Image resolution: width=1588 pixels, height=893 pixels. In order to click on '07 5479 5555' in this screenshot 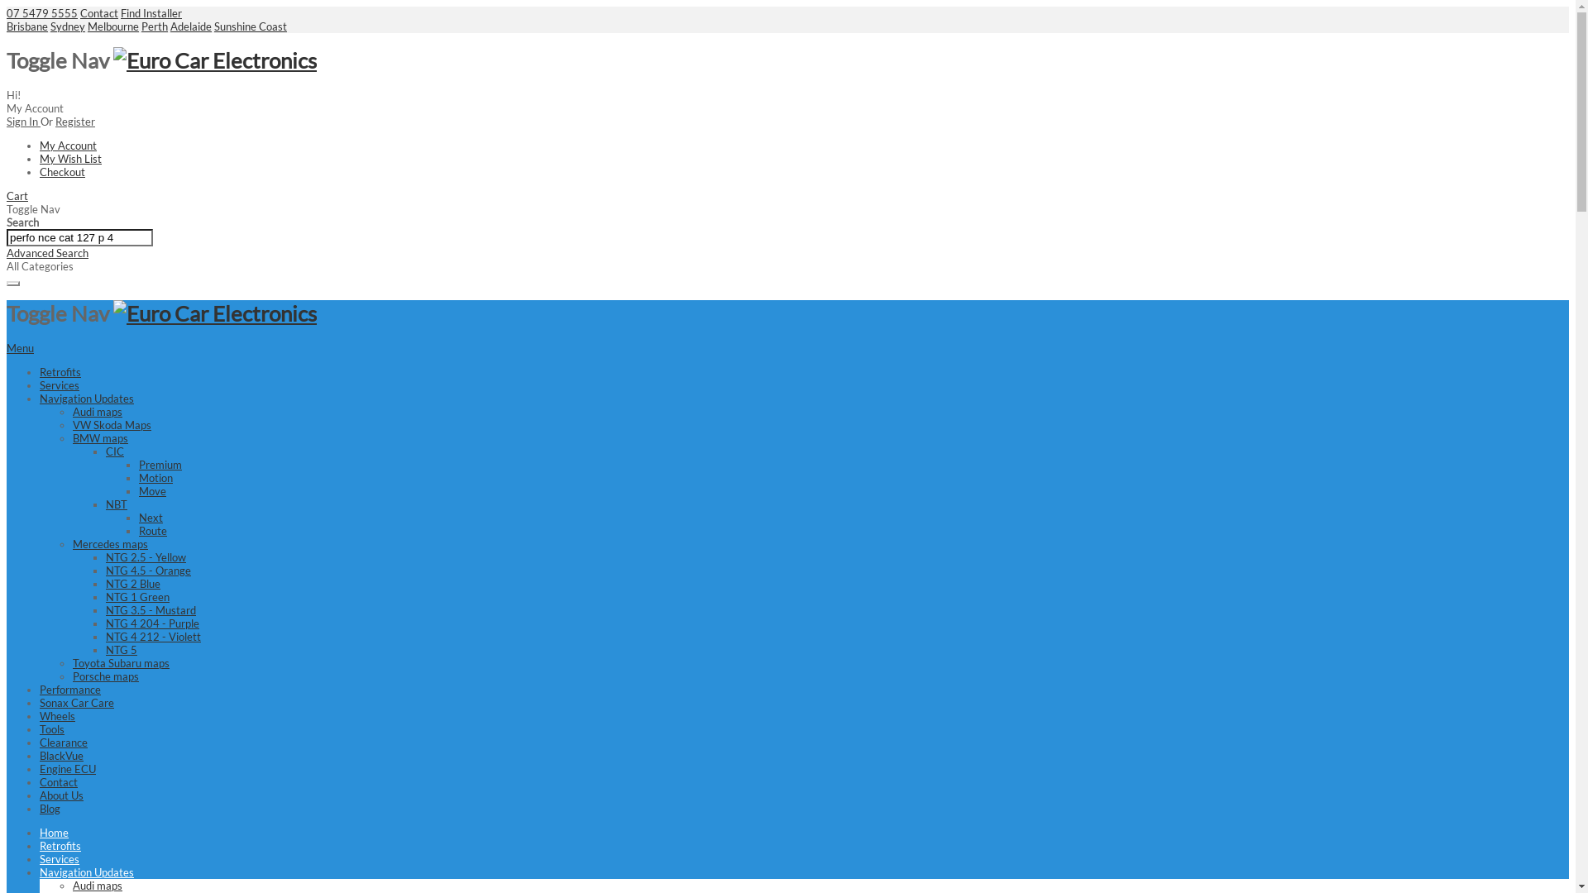, I will do `click(7, 12)`.